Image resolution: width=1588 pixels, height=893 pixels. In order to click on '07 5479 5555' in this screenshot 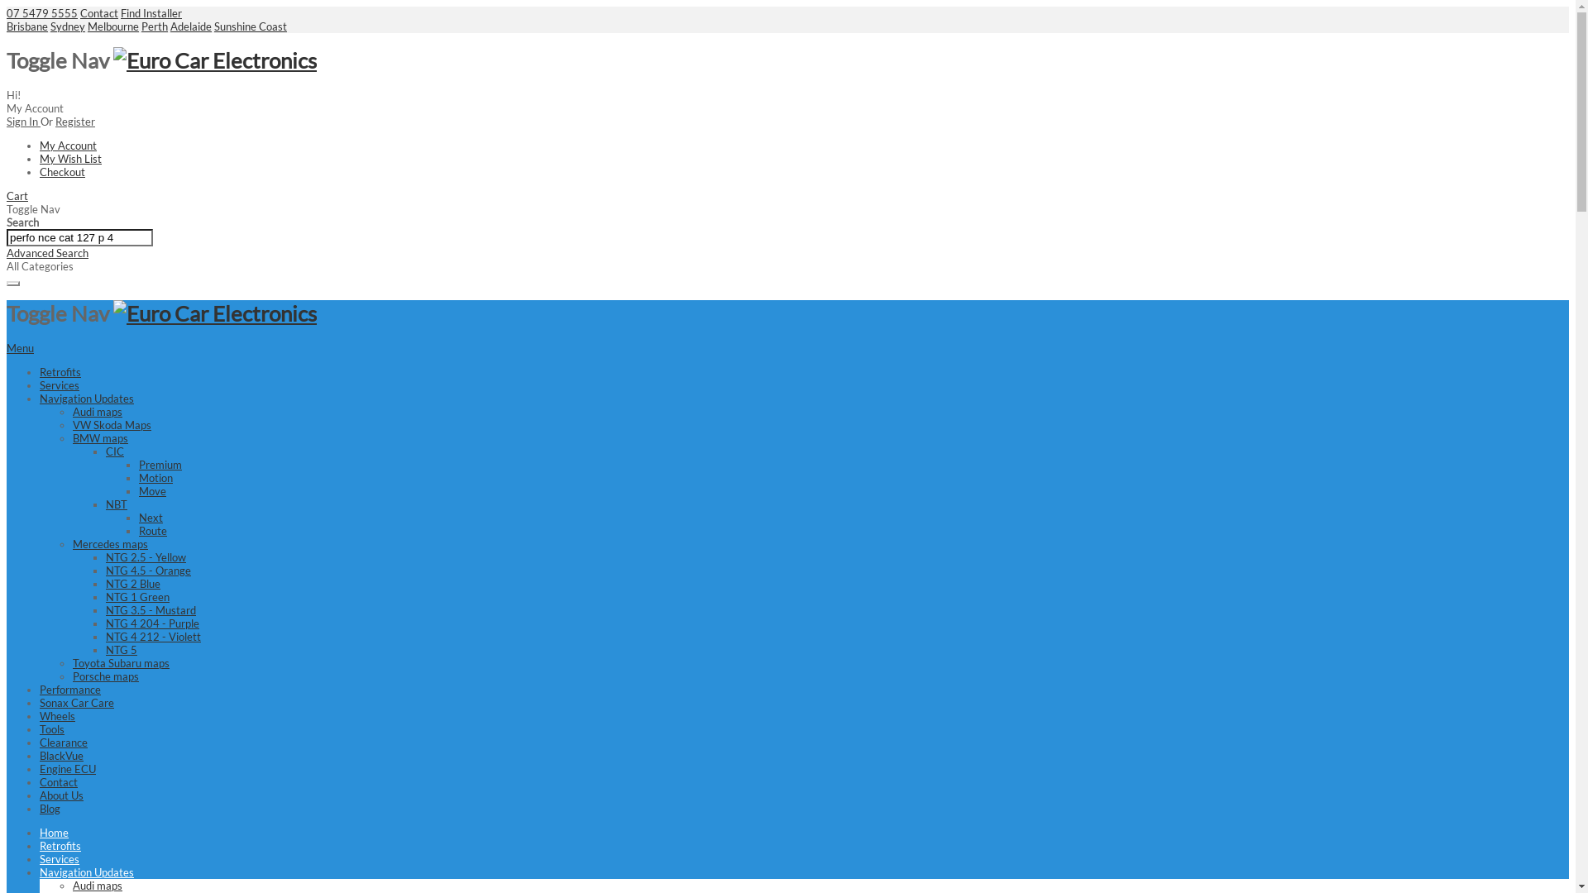, I will do `click(7, 12)`.